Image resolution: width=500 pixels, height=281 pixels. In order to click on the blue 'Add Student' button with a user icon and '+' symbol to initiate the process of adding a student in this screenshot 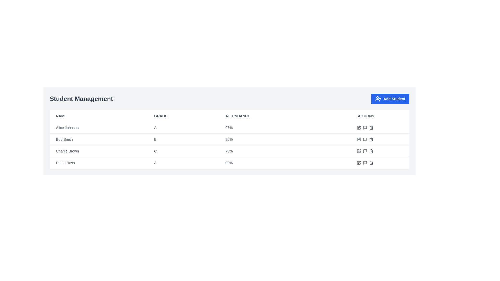, I will do `click(390, 99)`.